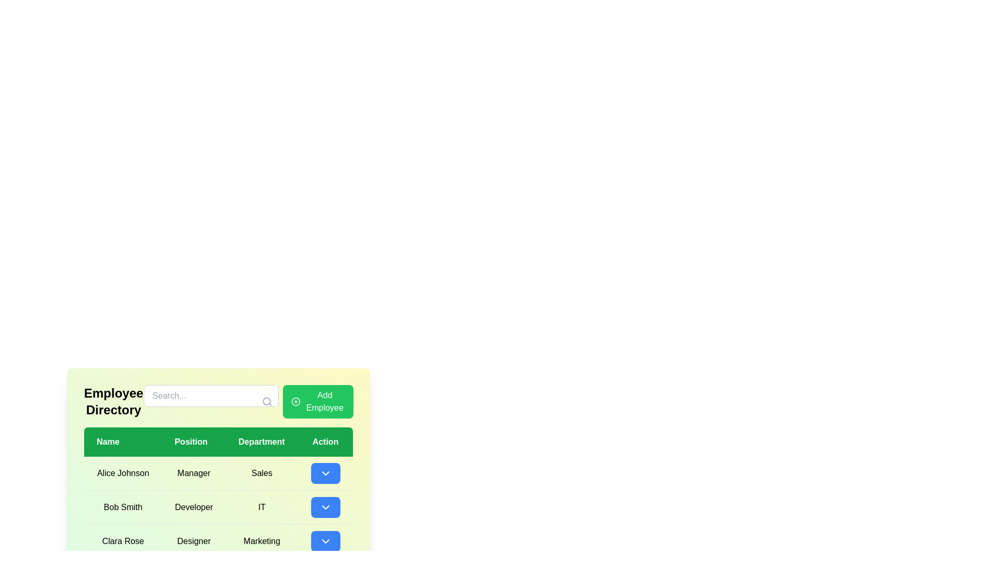  Describe the element at coordinates (113, 401) in the screenshot. I see `the 'Employee Directory' text label, which is a bold and large font header located at the top-left of the green-tinted interface` at that location.